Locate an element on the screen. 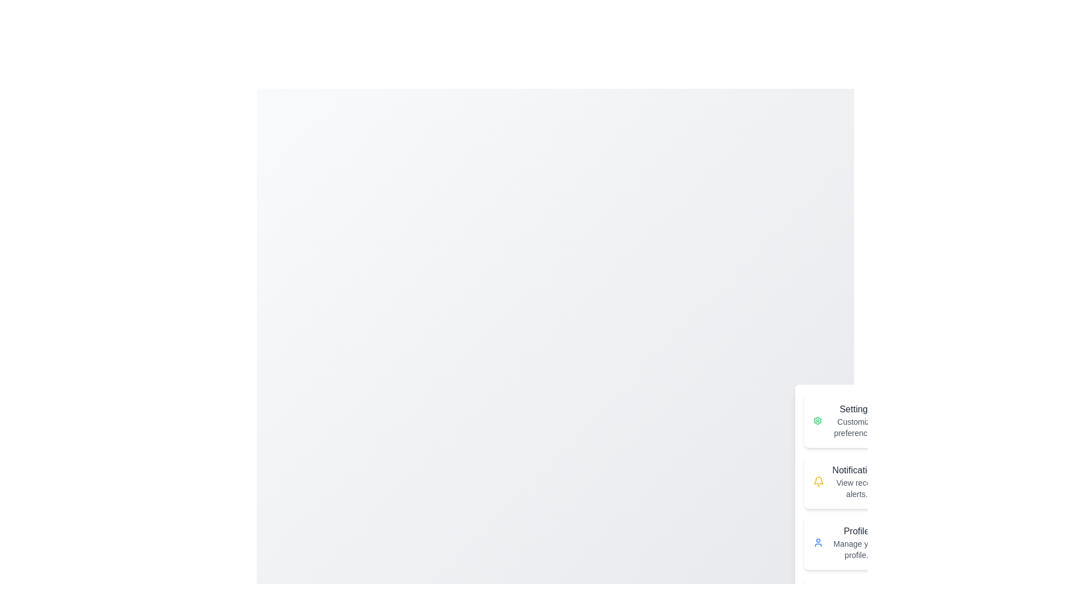 This screenshot has width=1086, height=610. the Help icon in the speed dial menu is located at coordinates (820, 603).